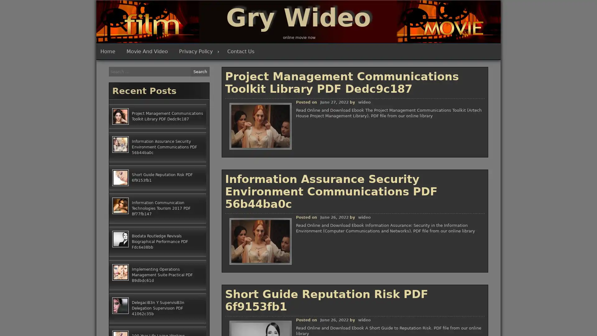  Describe the element at coordinates (200, 71) in the screenshot. I see `Search` at that location.